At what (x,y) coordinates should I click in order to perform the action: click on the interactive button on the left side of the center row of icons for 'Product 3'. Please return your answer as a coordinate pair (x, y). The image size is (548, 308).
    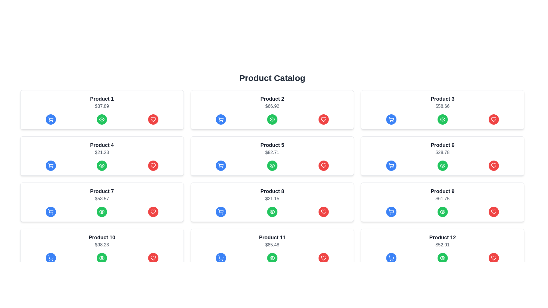
    Looking at the image, I should click on (391, 119).